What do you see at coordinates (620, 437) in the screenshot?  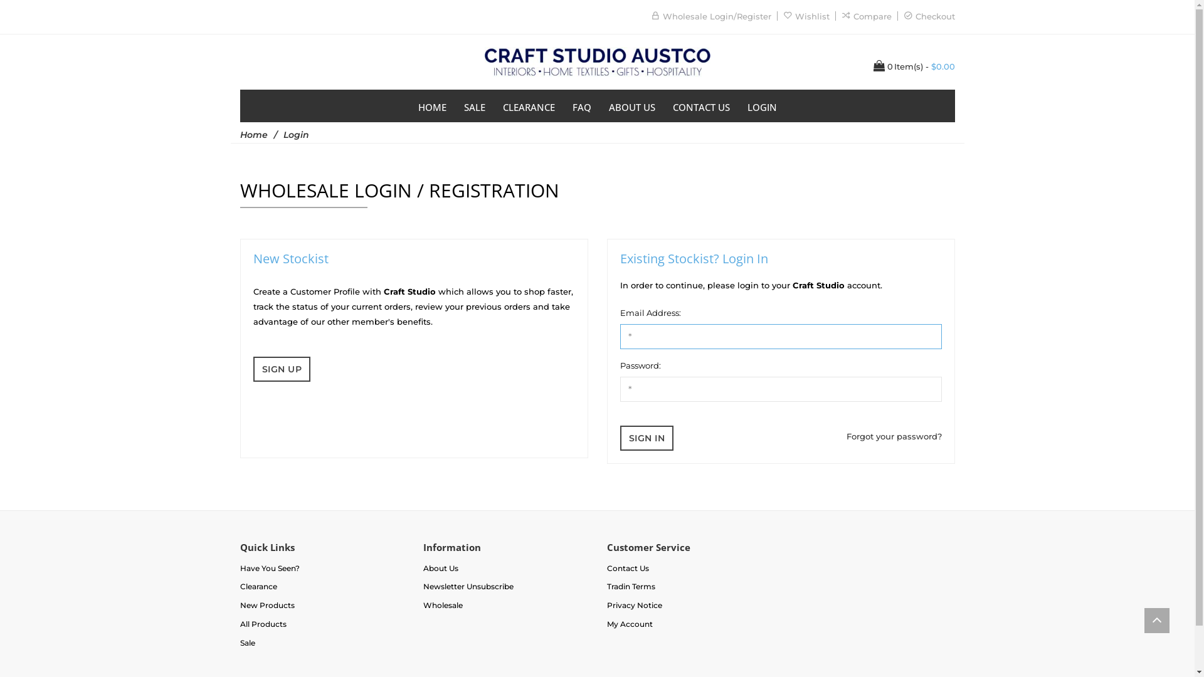 I see `'Sign In'` at bounding box center [620, 437].